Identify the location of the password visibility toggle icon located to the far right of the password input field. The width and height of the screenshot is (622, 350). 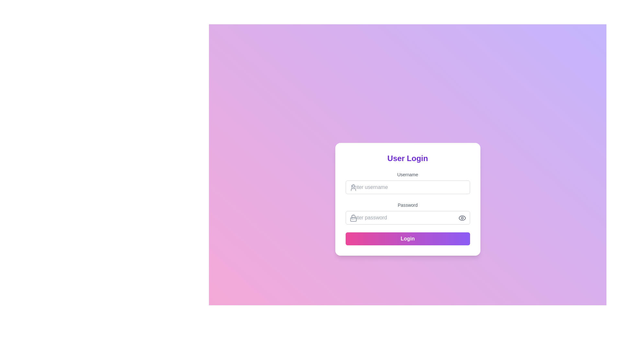
(462, 218).